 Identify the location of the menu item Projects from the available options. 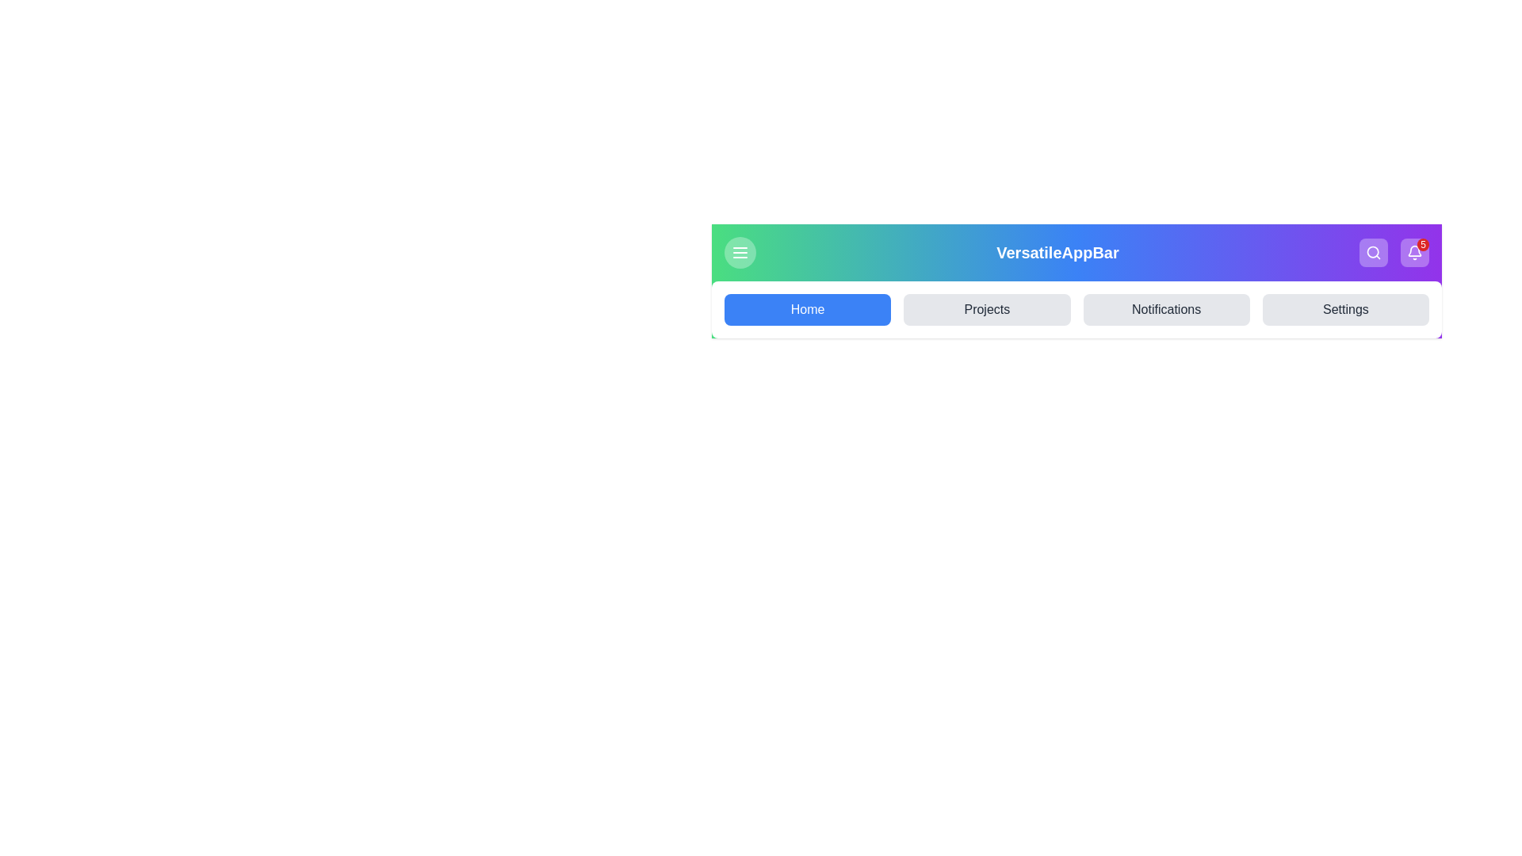
(986, 309).